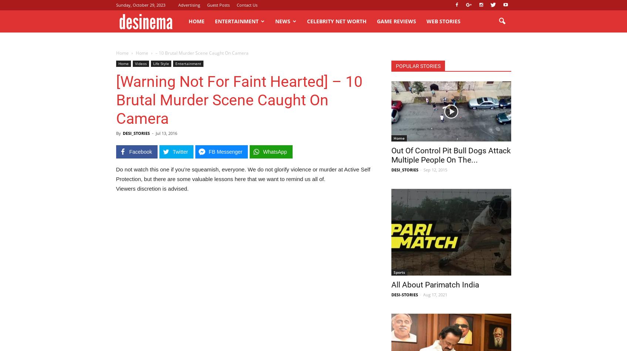 This screenshot has height=351, width=627. What do you see at coordinates (451, 155) in the screenshot?
I see `'Out Of Control Pit Bull Dogs Attack Multiple People On The...'` at bounding box center [451, 155].